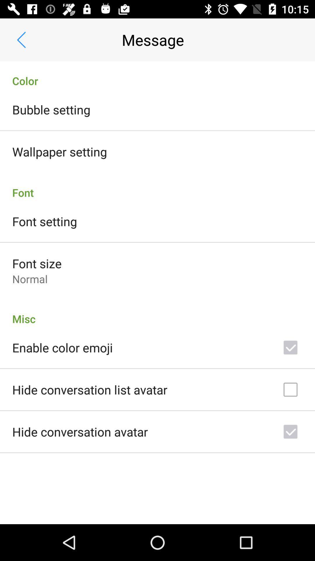  I want to click on the normal icon, so click(30, 278).